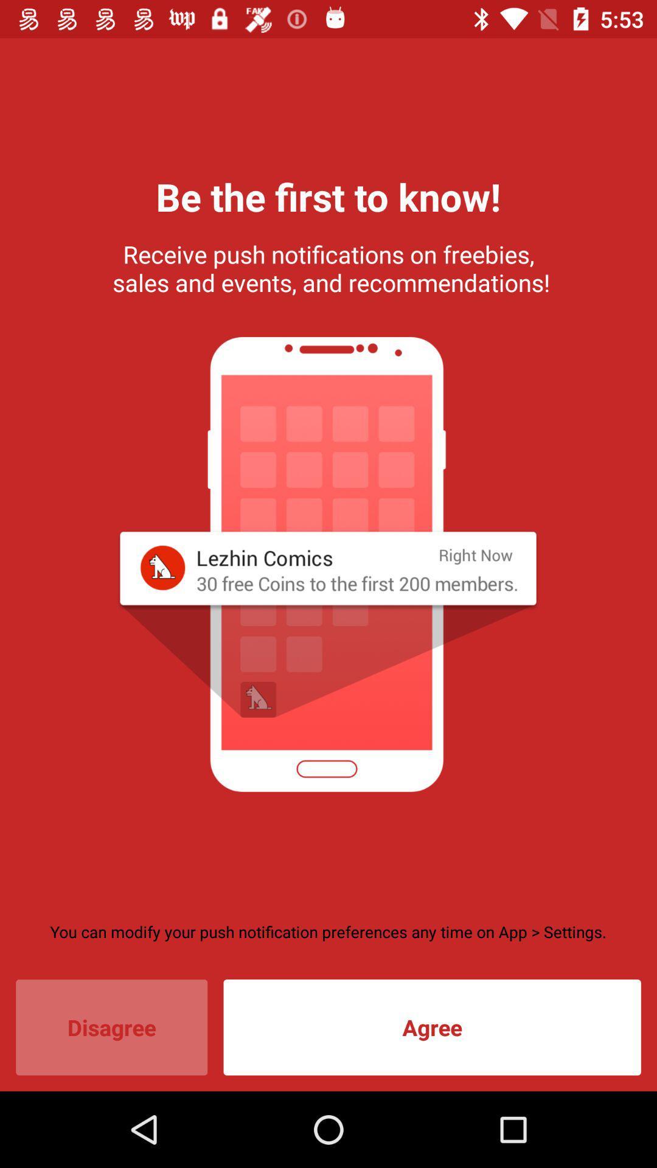  I want to click on item below the you can modify icon, so click(111, 1027).